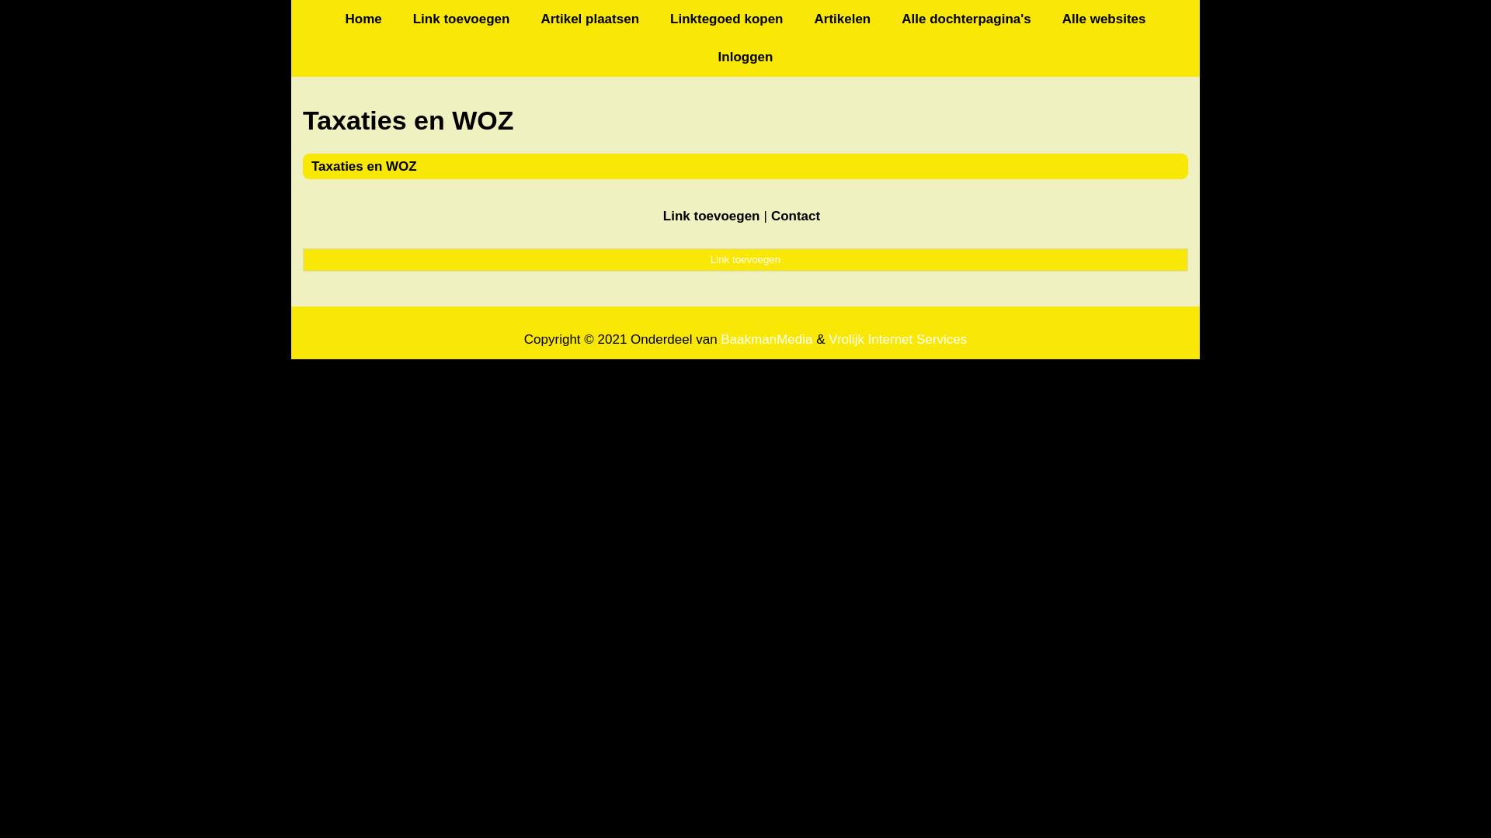 Image resolution: width=1491 pixels, height=838 pixels. I want to click on 'Artikel plaatsen', so click(589, 19).